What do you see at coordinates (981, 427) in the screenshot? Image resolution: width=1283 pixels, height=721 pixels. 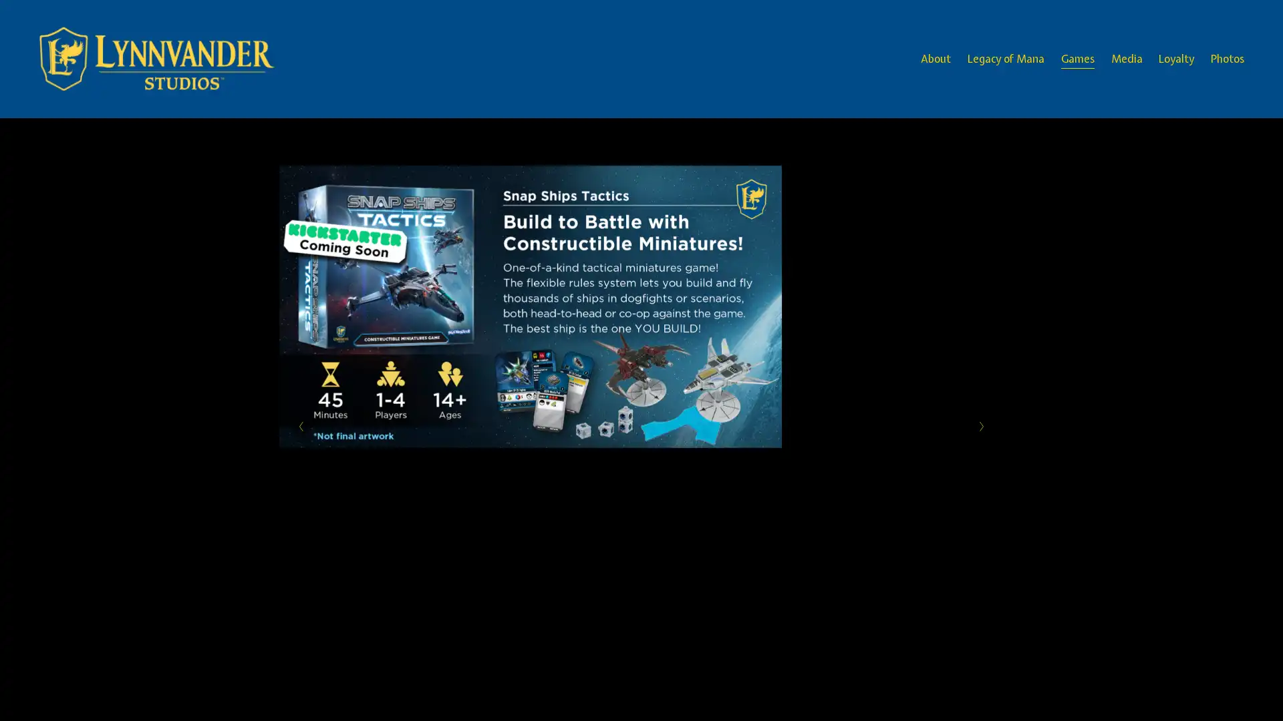 I see `Next Slide` at bounding box center [981, 427].